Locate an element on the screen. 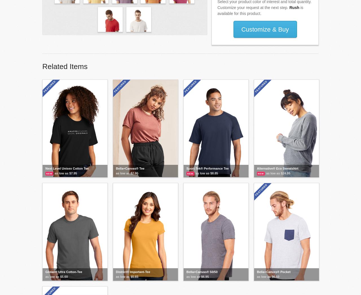 The height and width of the screenshot is (295, 361). 'Related Items' is located at coordinates (42, 66).